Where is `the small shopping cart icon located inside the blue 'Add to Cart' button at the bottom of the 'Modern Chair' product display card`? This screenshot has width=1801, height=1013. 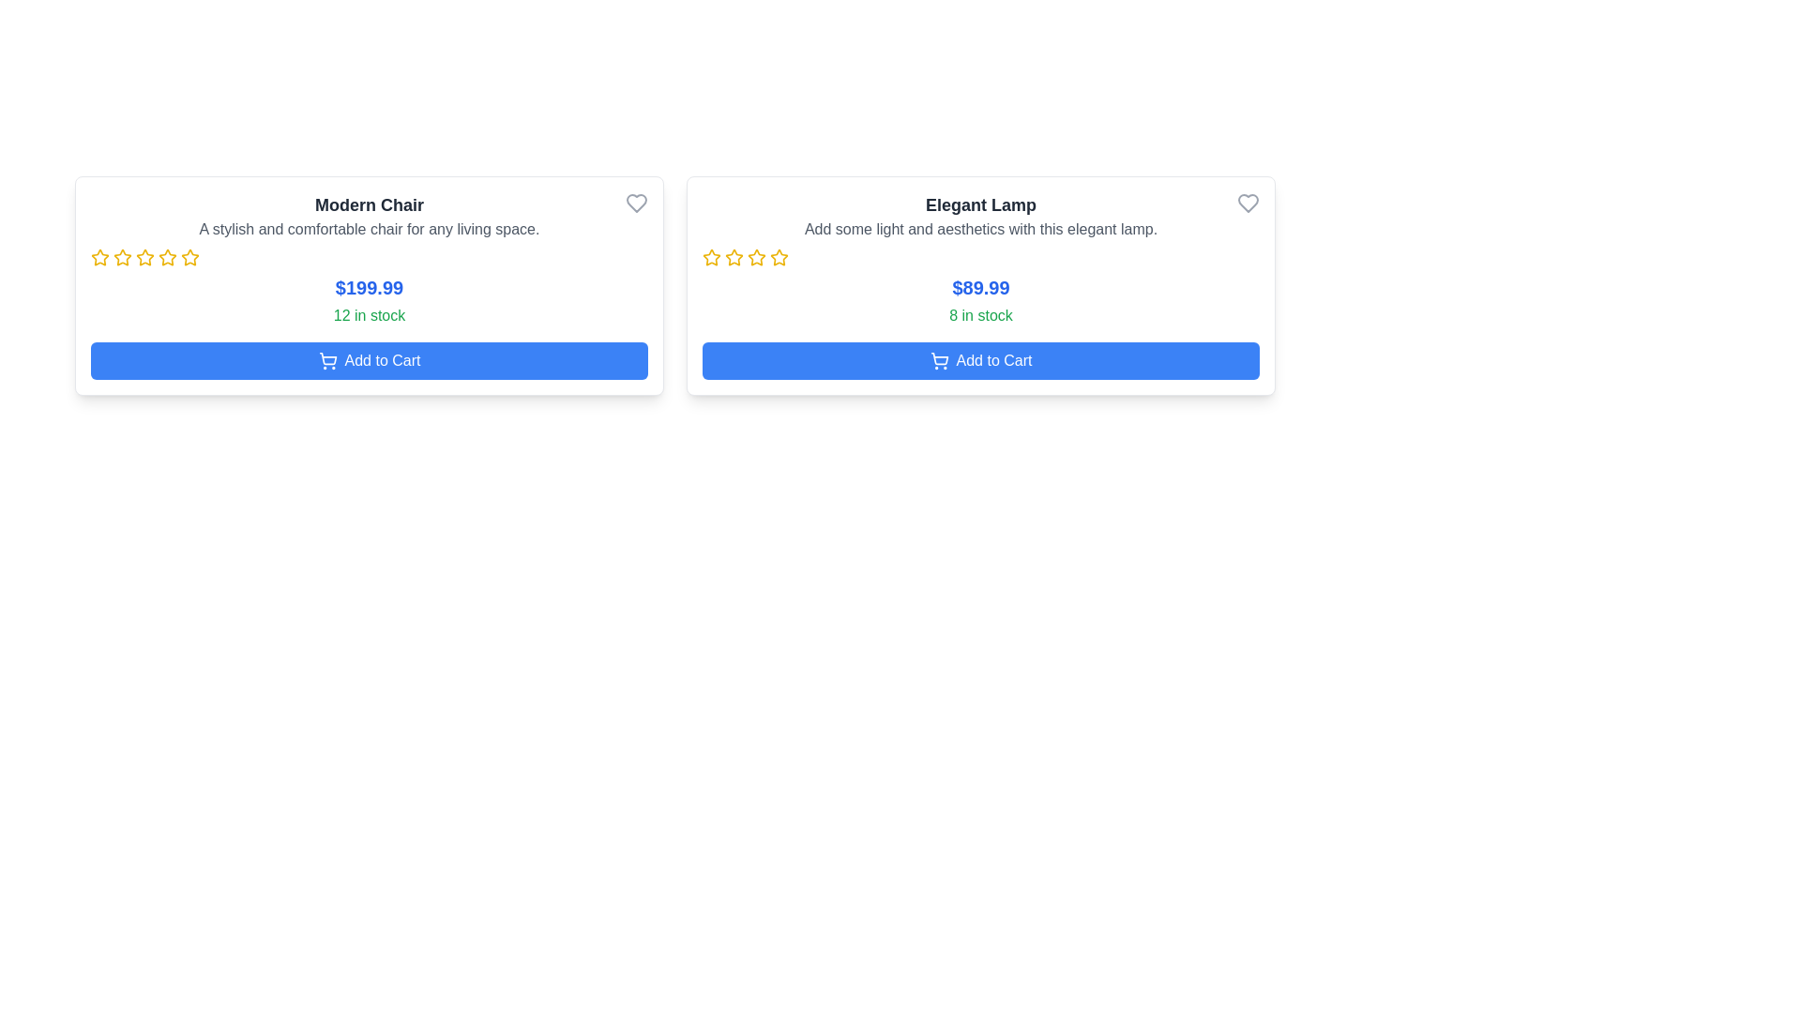
the small shopping cart icon located inside the blue 'Add to Cart' button at the bottom of the 'Modern Chair' product display card is located at coordinates (327, 361).